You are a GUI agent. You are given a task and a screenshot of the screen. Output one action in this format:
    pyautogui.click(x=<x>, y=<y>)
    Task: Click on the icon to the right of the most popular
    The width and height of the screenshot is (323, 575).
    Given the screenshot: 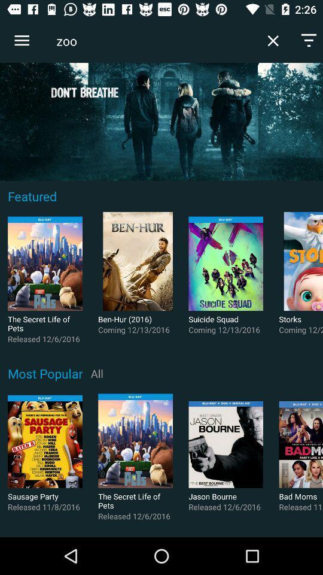 What is the action you would take?
    pyautogui.click(x=96, y=373)
    